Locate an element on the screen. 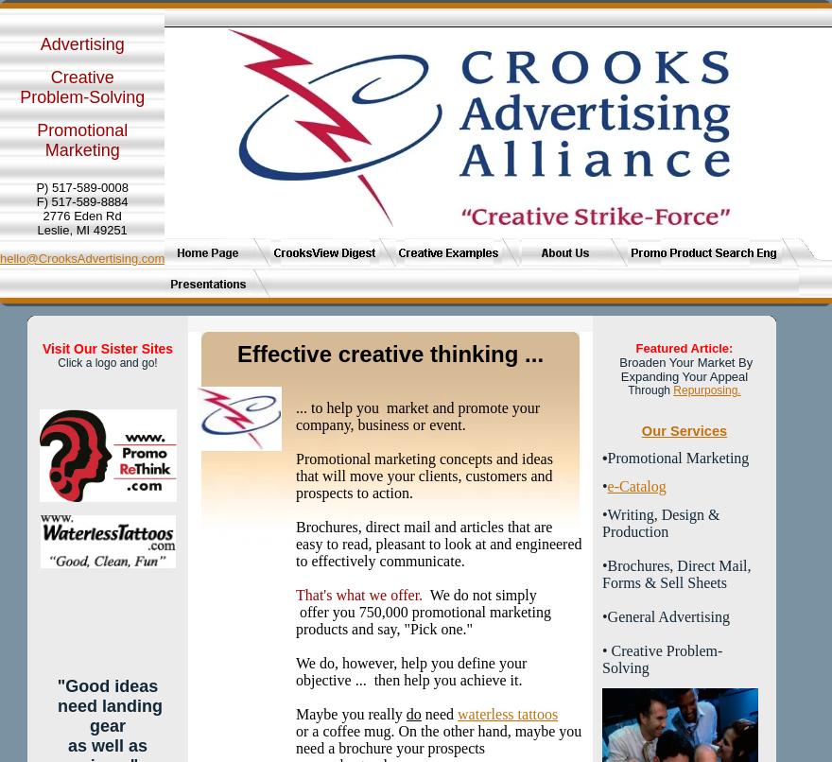 This screenshot has height=762, width=832. 'Brochures, direct mail and articles that are' is located at coordinates (423, 527).